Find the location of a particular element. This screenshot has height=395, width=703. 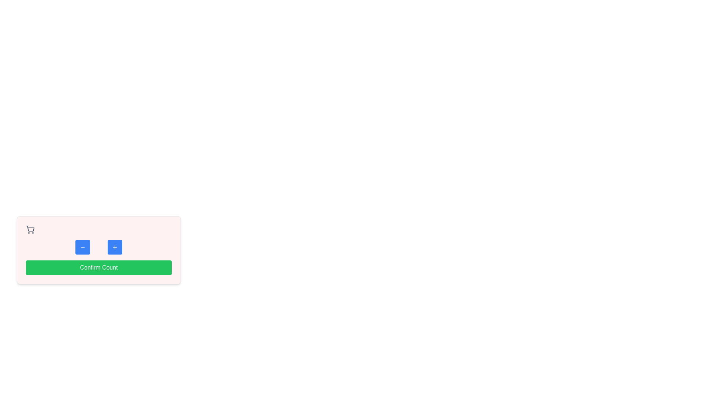

the minus button on the numeric input component to decrement the count is located at coordinates (98, 247).